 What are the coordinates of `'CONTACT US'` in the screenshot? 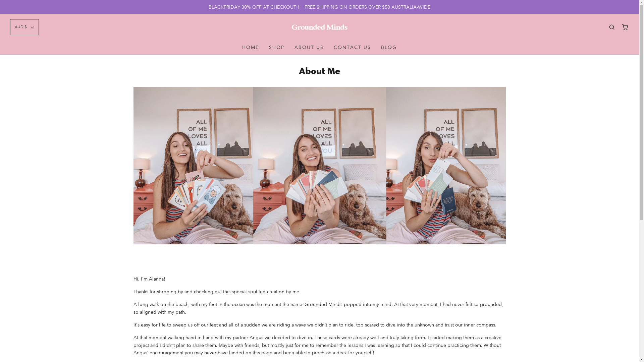 It's located at (352, 47).